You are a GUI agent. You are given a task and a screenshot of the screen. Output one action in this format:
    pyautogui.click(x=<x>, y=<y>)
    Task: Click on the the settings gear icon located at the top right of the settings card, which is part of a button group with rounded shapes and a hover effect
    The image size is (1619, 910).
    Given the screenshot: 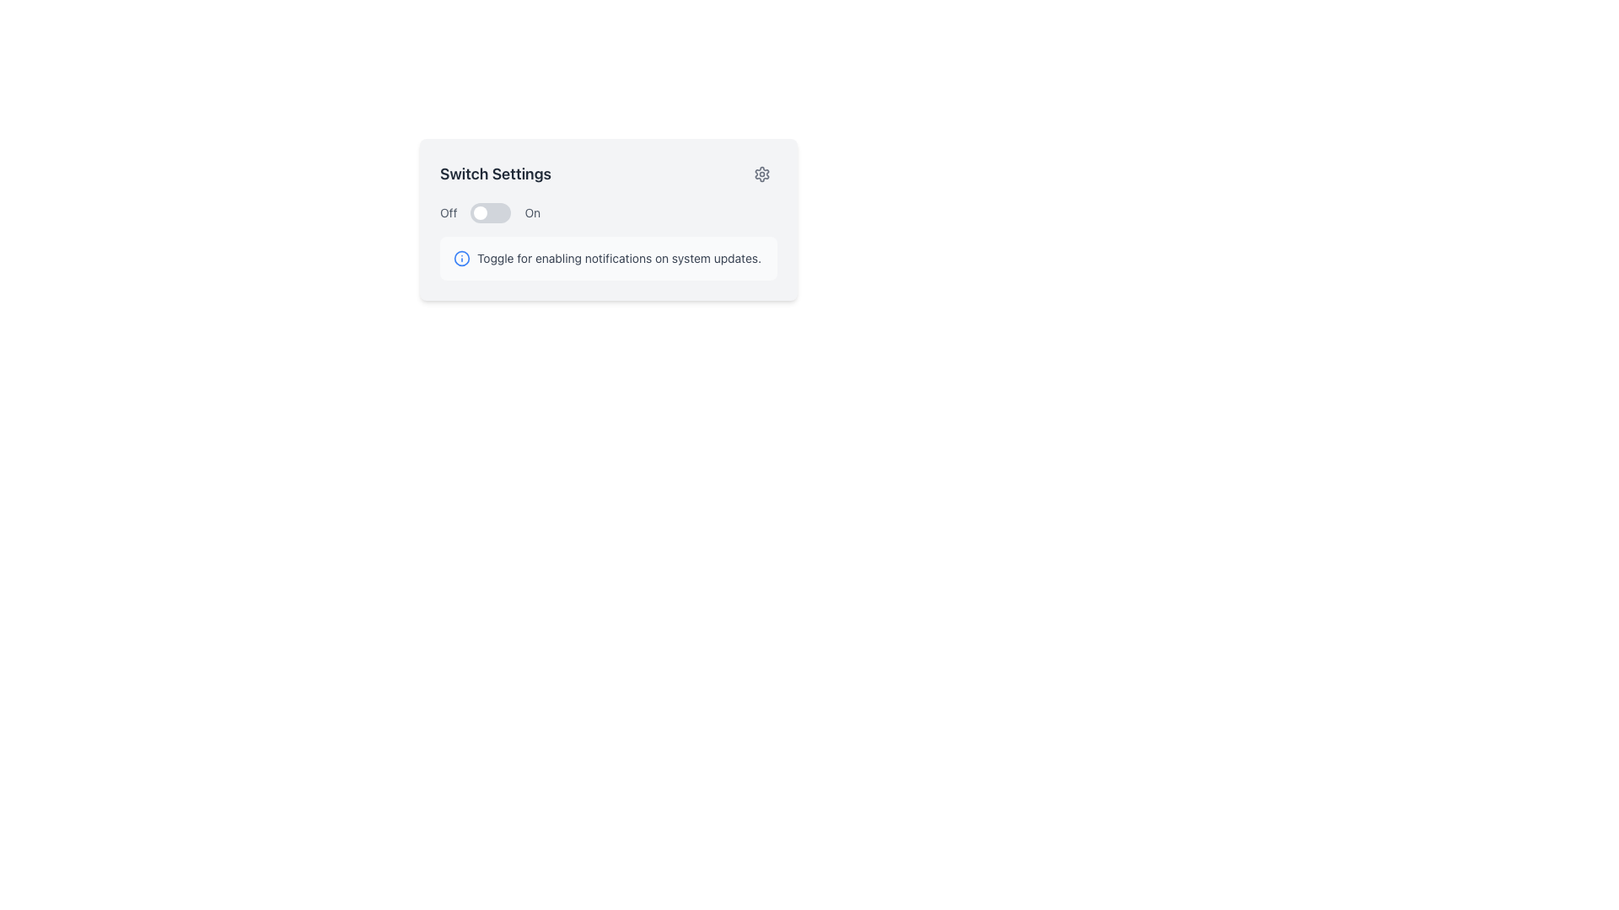 What is the action you would take?
    pyautogui.click(x=761, y=174)
    